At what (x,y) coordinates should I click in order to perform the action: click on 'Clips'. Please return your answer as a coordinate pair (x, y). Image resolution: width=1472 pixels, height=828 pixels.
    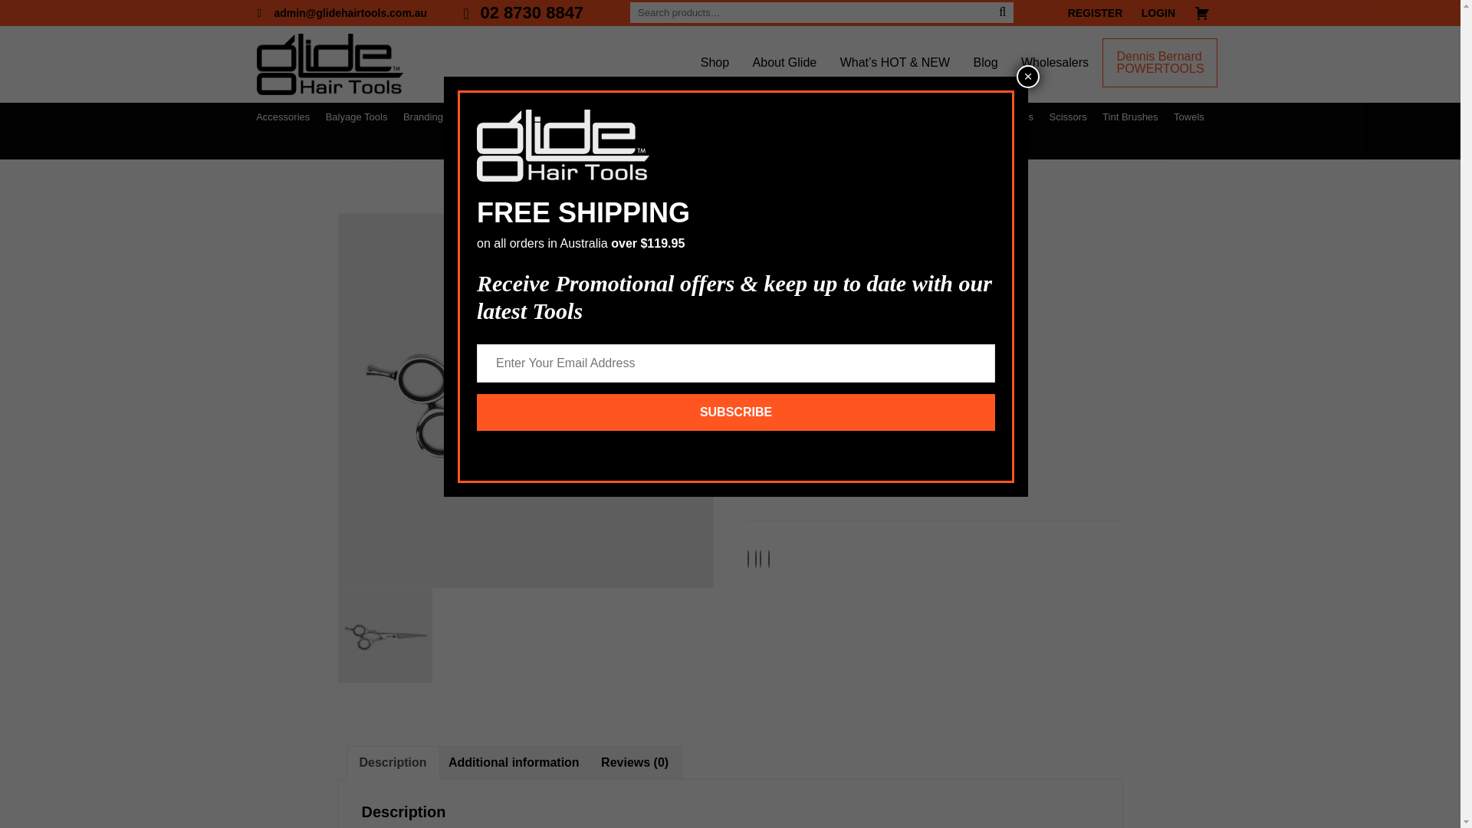
    Looking at the image, I should click on (650, 116).